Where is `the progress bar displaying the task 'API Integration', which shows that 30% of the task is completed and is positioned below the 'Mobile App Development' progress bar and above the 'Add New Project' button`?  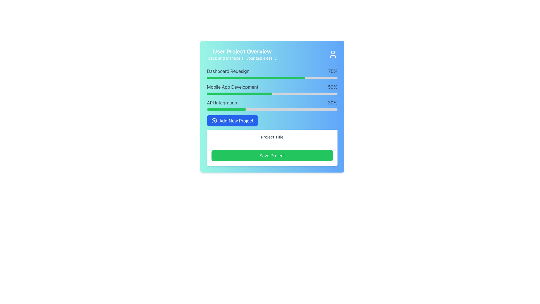 the progress bar displaying the task 'API Integration', which shows that 30% of the task is completed and is positioned below the 'Mobile App Development' progress bar and above the 'Add New Project' button is located at coordinates (272, 105).